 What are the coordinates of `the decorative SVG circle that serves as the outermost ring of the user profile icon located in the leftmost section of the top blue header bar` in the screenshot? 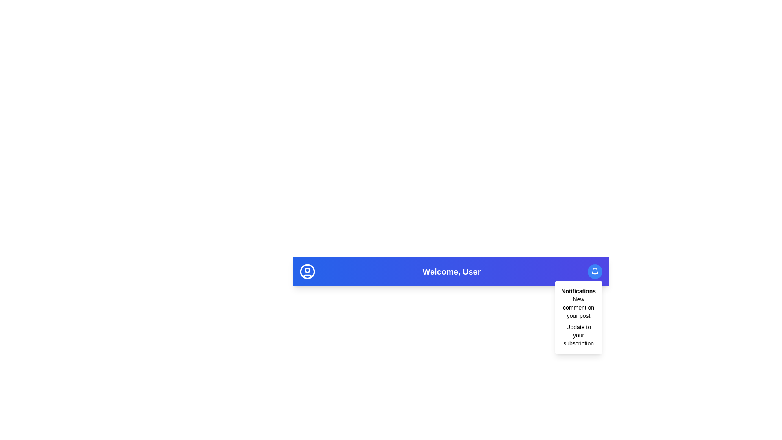 It's located at (307, 272).